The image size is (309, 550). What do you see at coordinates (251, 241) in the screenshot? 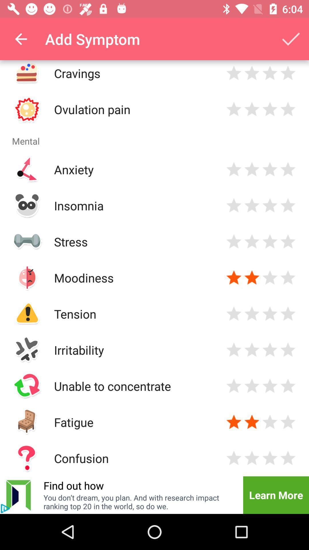
I see `rate stress level` at bounding box center [251, 241].